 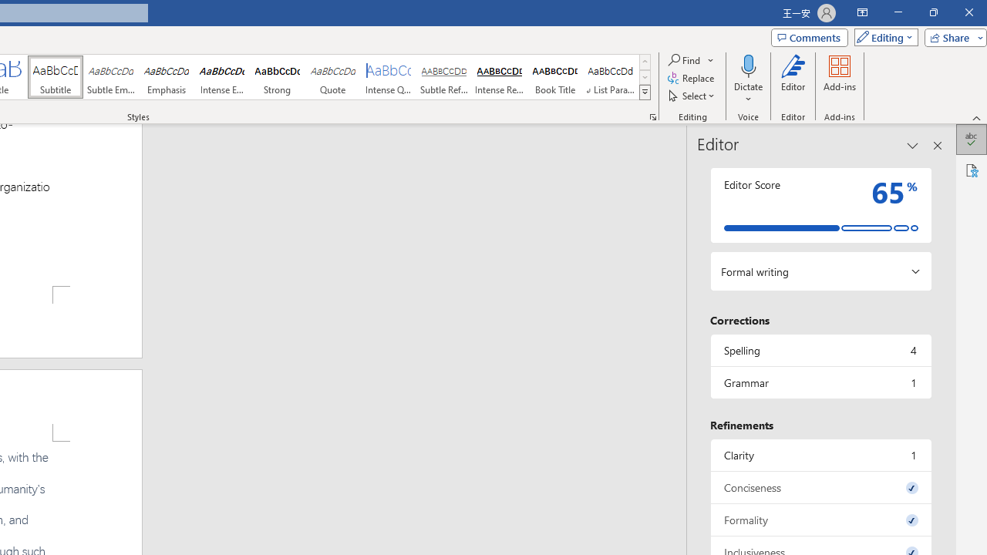 What do you see at coordinates (692, 96) in the screenshot?
I see `'Select'` at bounding box center [692, 96].